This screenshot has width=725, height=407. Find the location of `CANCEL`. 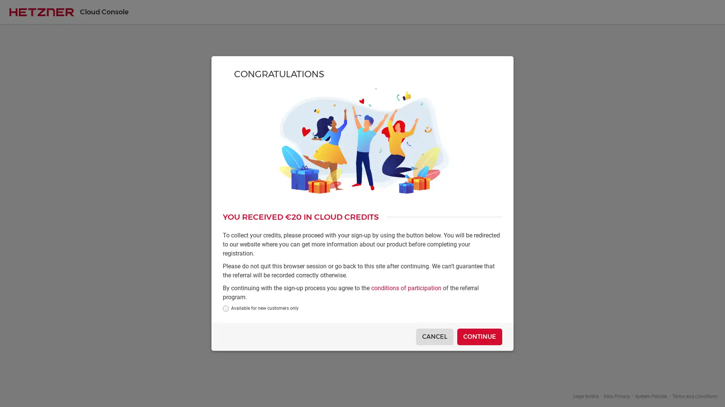

CANCEL is located at coordinates (435, 336).